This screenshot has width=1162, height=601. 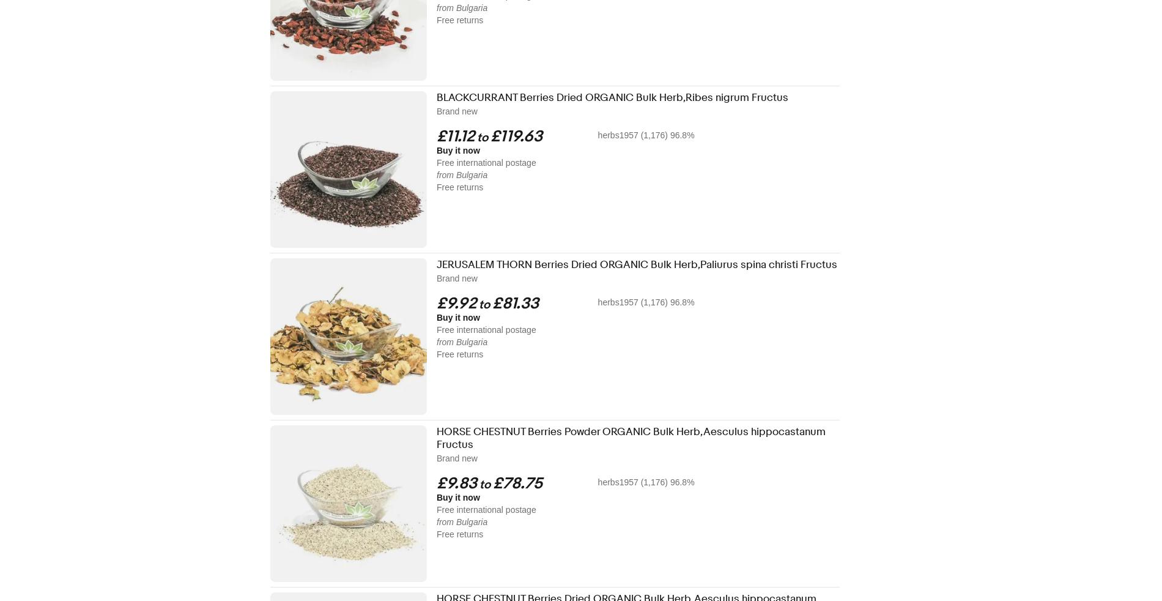 I want to click on '£11.12', so click(x=454, y=136).